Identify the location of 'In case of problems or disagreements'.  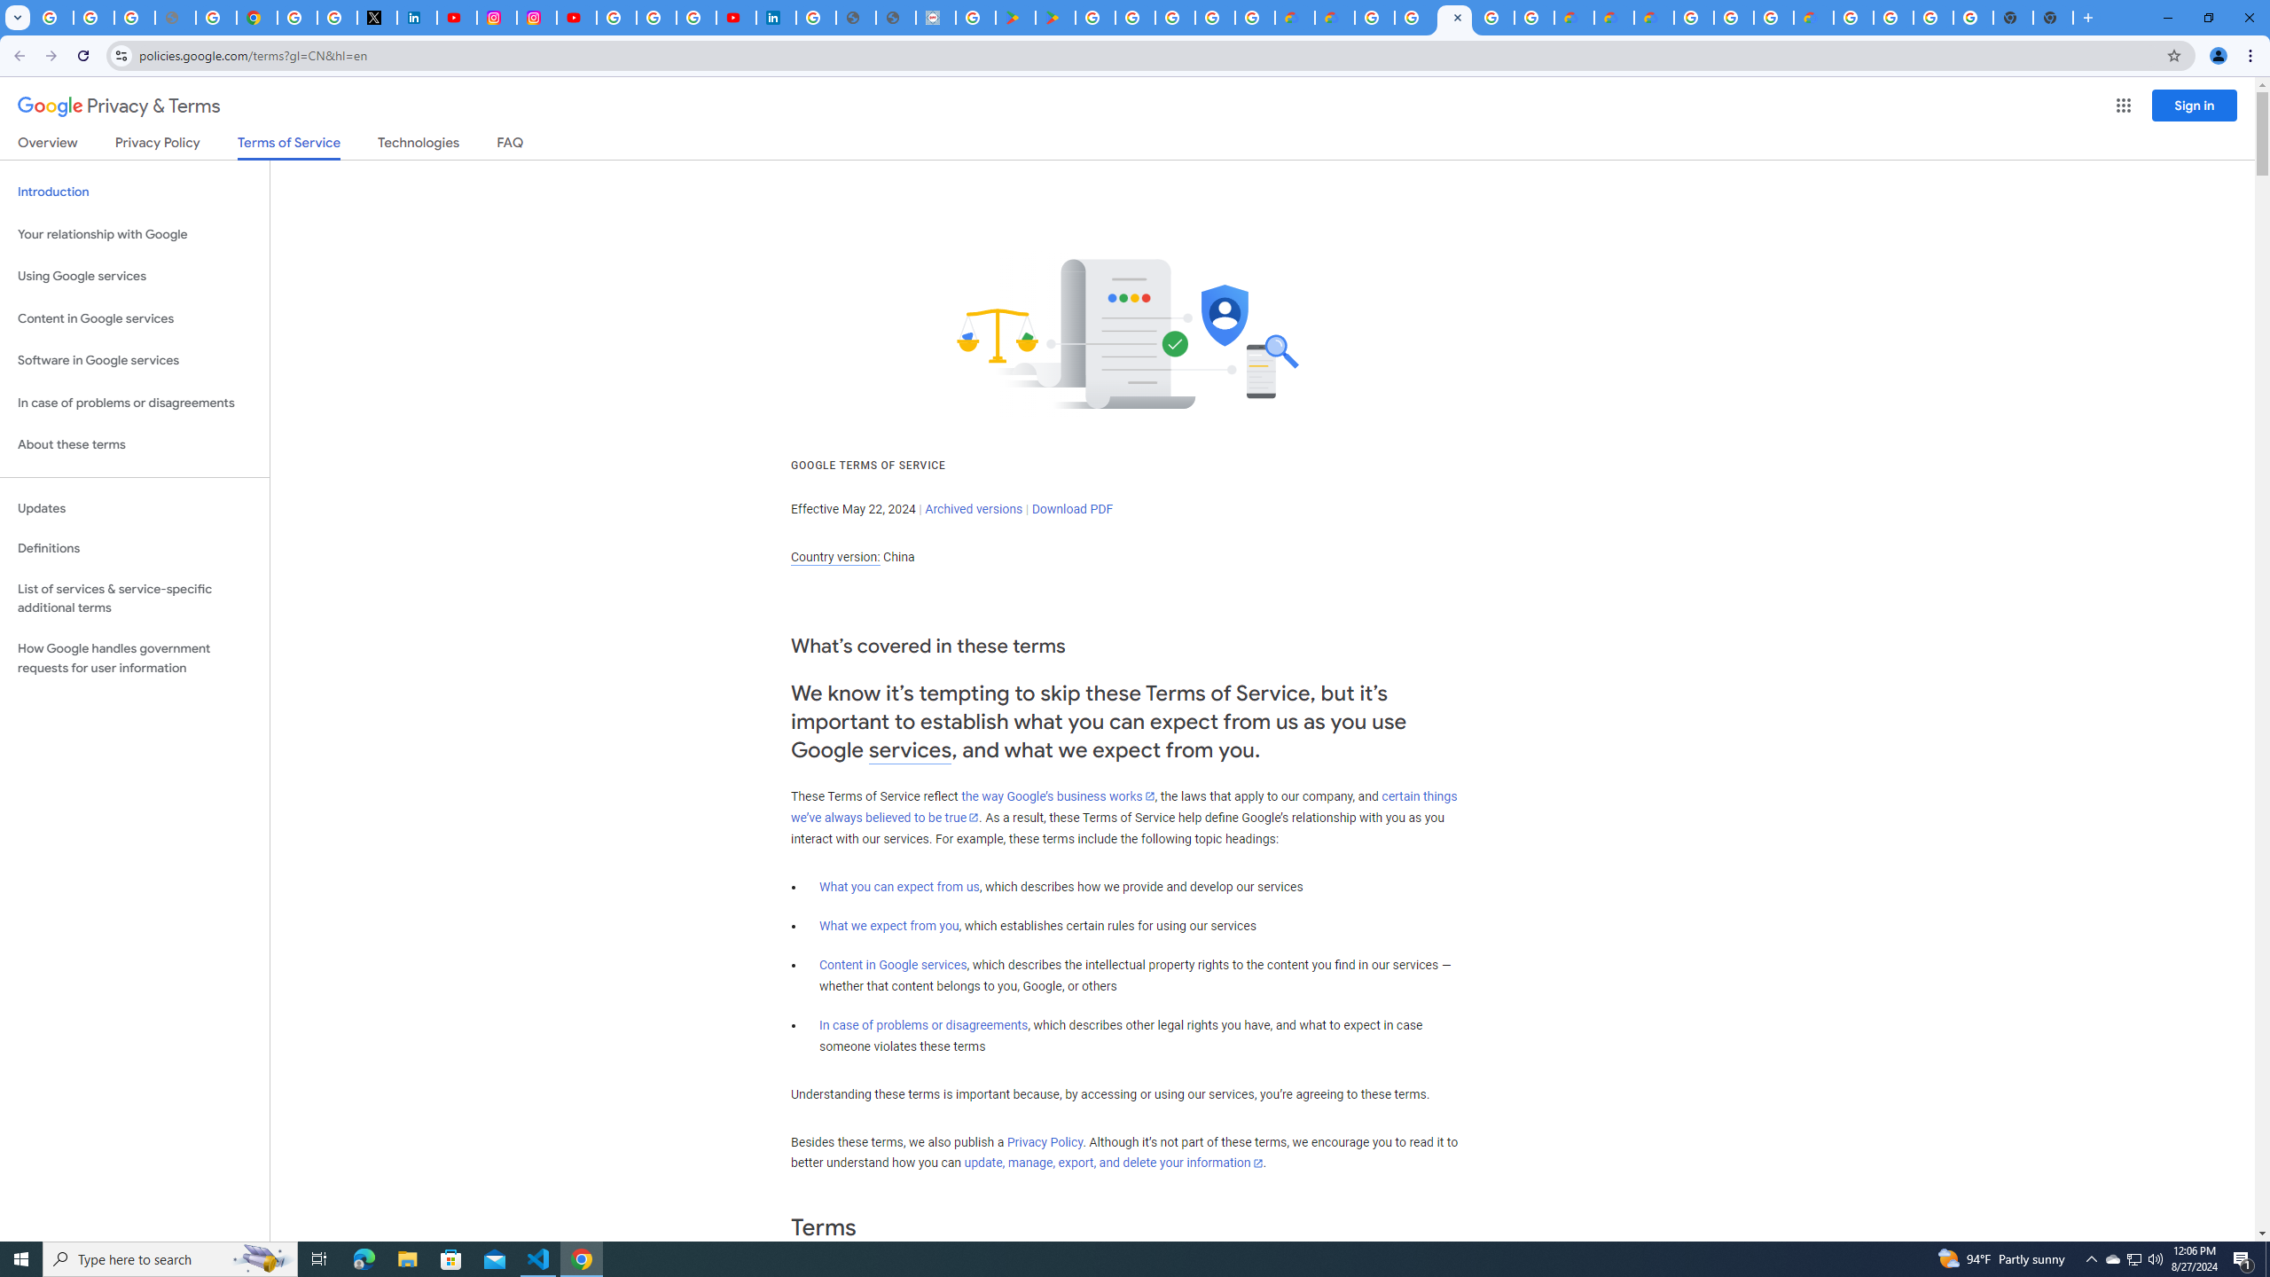
(922, 1025).